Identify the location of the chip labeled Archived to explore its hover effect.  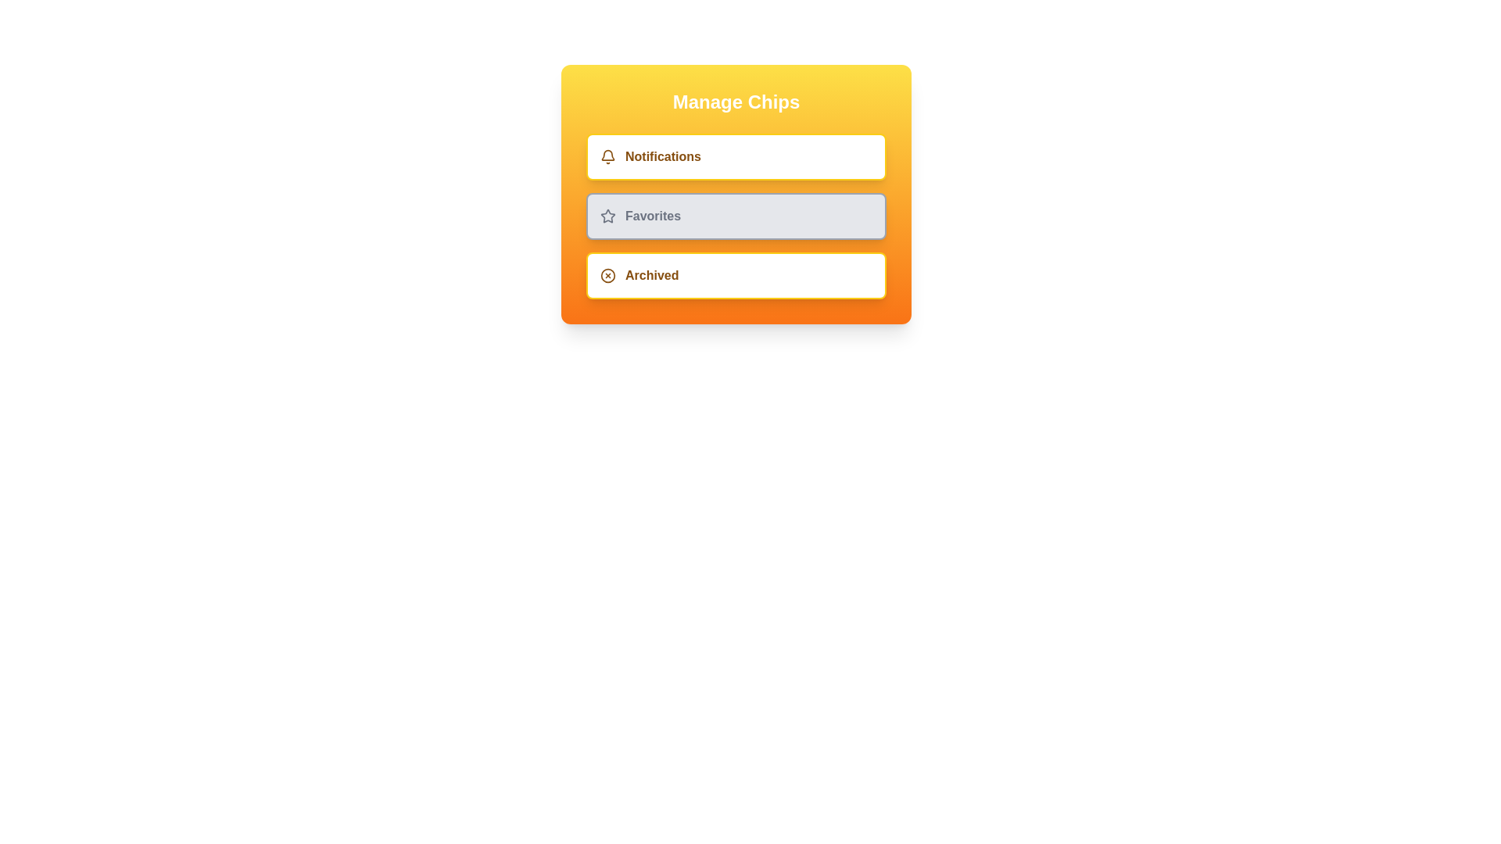
(735, 275).